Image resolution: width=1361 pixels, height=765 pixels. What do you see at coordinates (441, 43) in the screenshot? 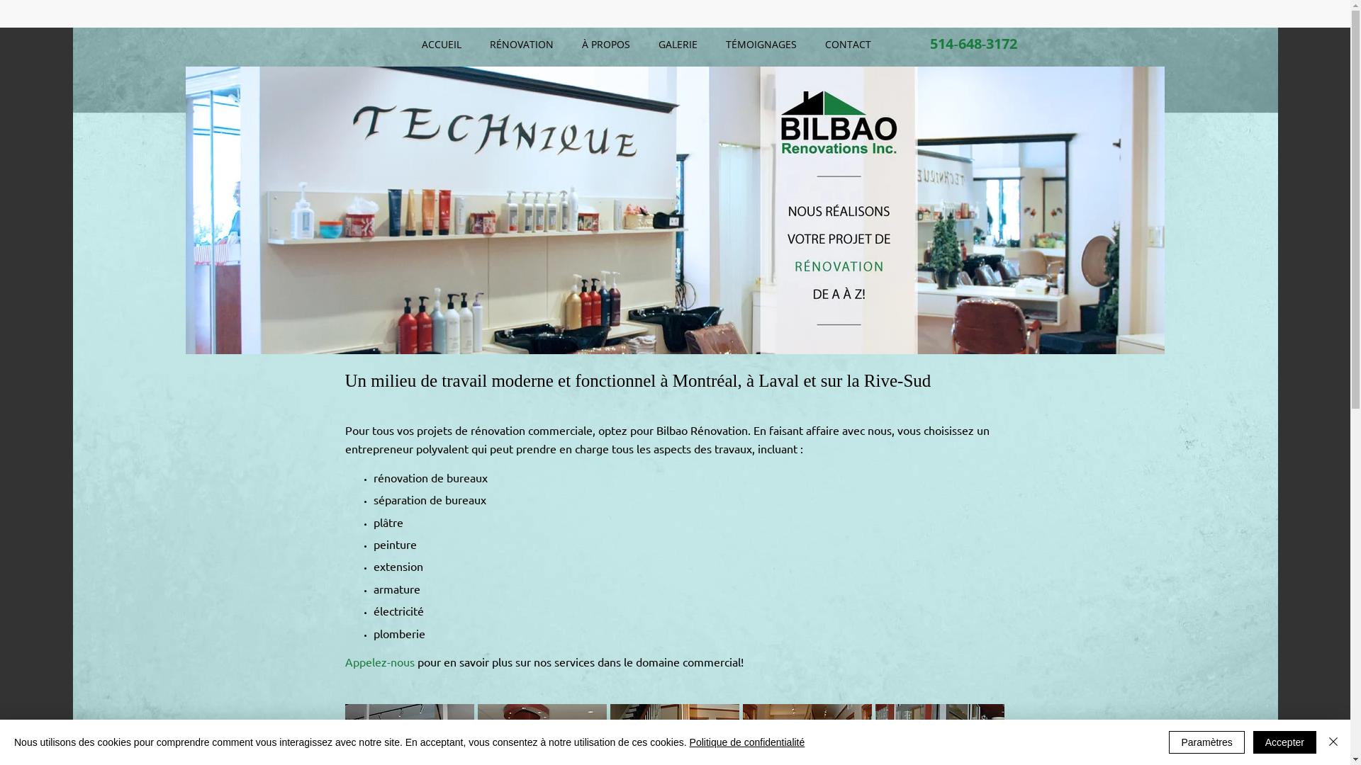
I see `'ACCUEIL'` at bounding box center [441, 43].